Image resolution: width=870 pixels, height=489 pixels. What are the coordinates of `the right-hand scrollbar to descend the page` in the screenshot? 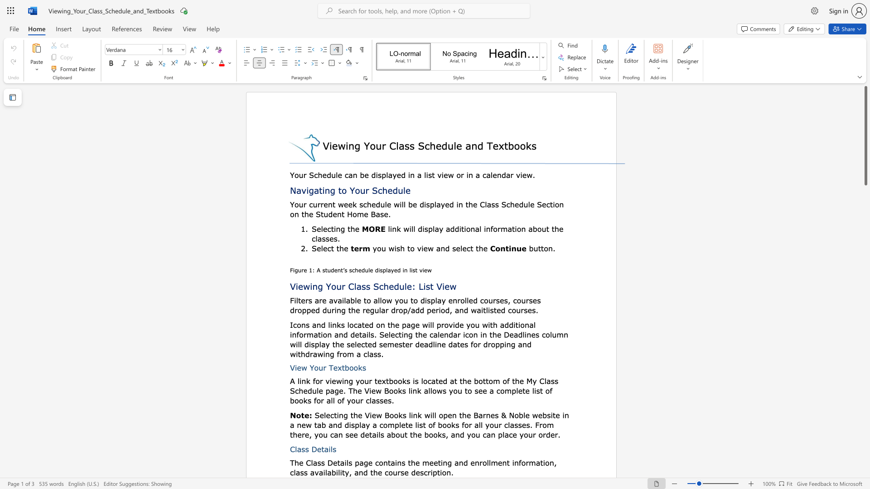 It's located at (865, 429).